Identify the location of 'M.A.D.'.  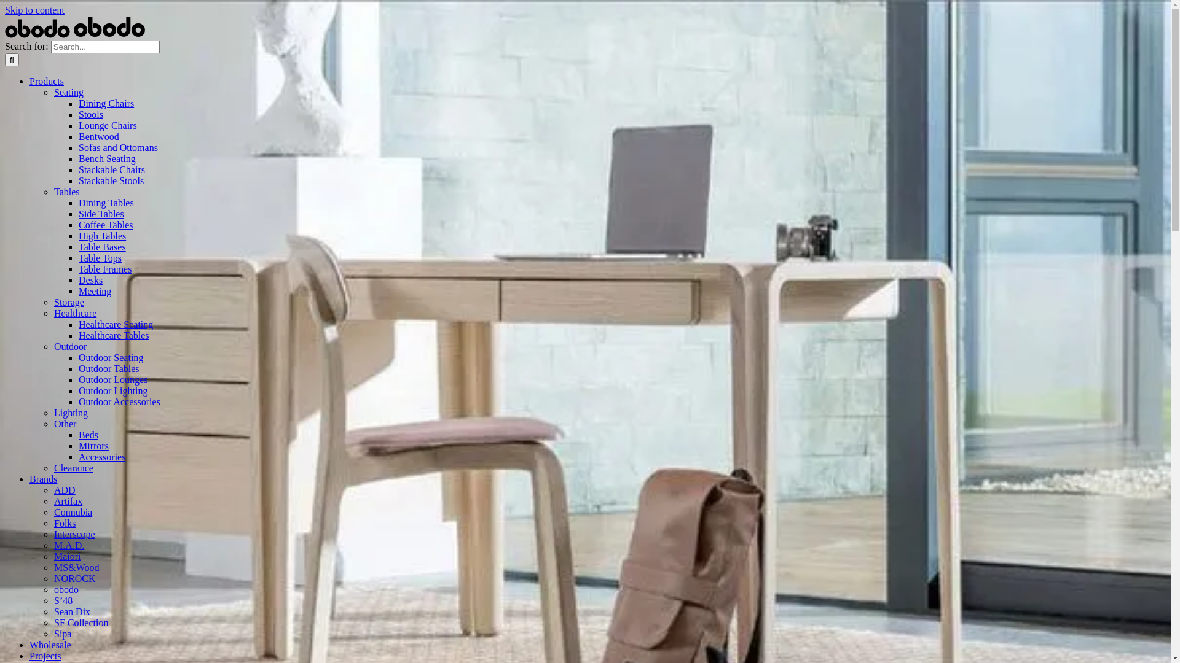
(68, 545).